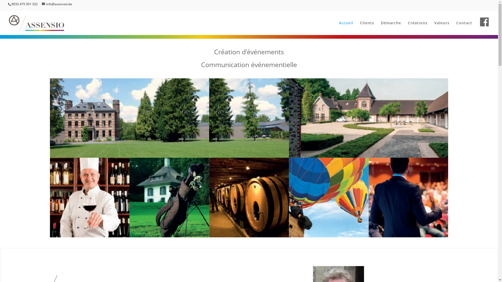 The image size is (502, 282). What do you see at coordinates (57, 4) in the screenshot?
I see `'info@assensio.be'` at bounding box center [57, 4].